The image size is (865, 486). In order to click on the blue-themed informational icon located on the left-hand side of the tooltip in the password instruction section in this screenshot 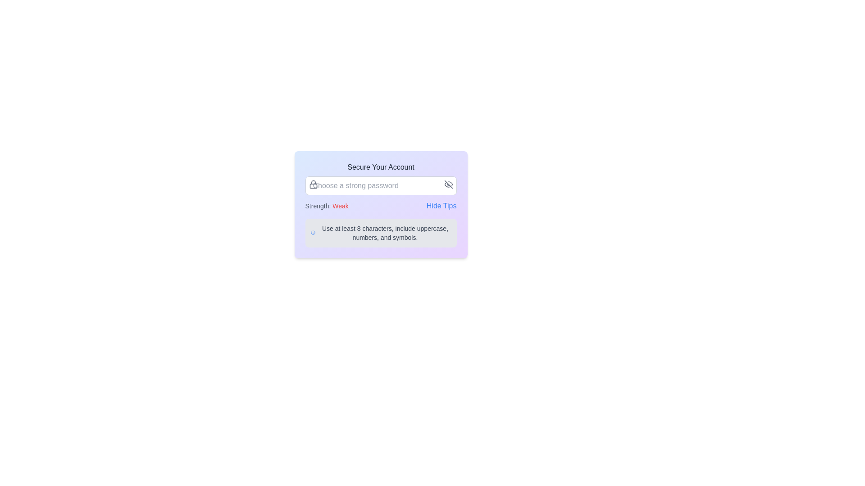, I will do `click(313, 232)`.